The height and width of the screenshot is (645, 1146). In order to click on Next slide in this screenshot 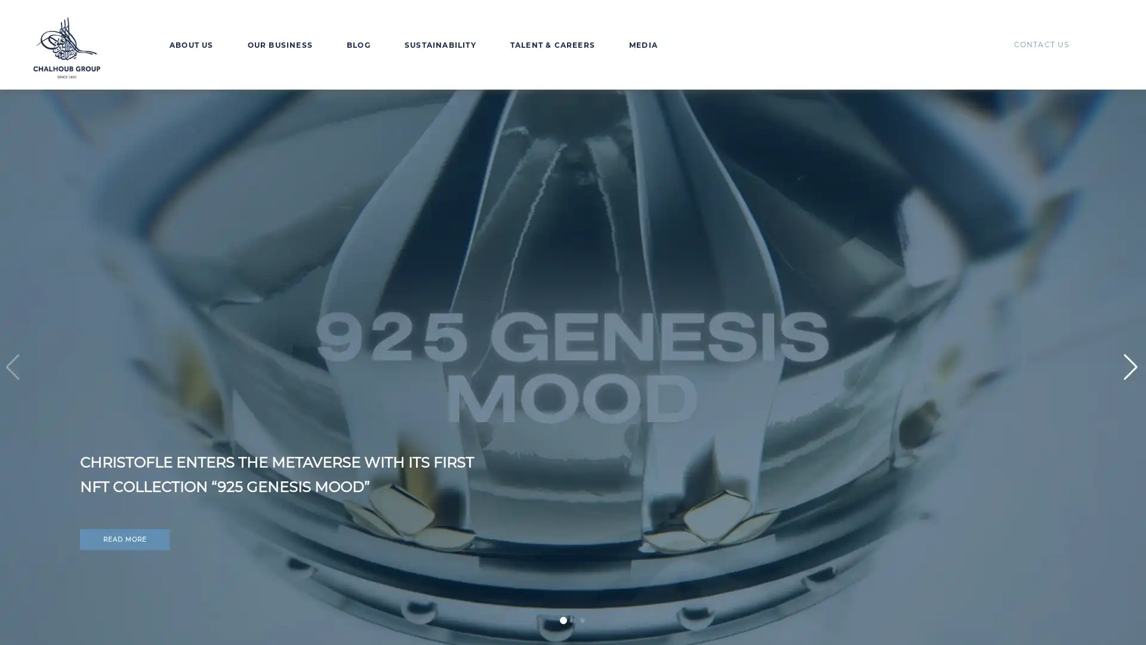, I will do `click(1131, 366)`.